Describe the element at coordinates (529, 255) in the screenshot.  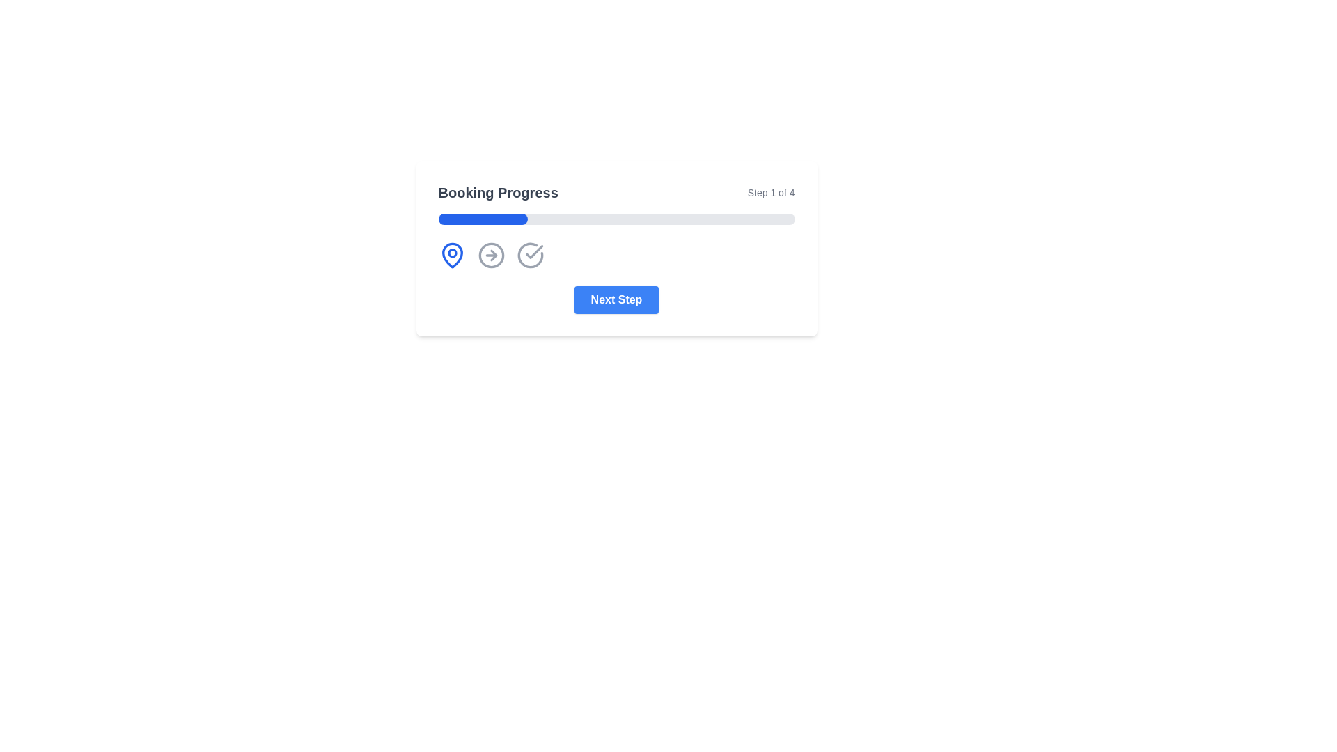
I see `the circular status indicator icon featuring a checkmark, which is the third element in a sequence of horizontally aligned icons` at that location.